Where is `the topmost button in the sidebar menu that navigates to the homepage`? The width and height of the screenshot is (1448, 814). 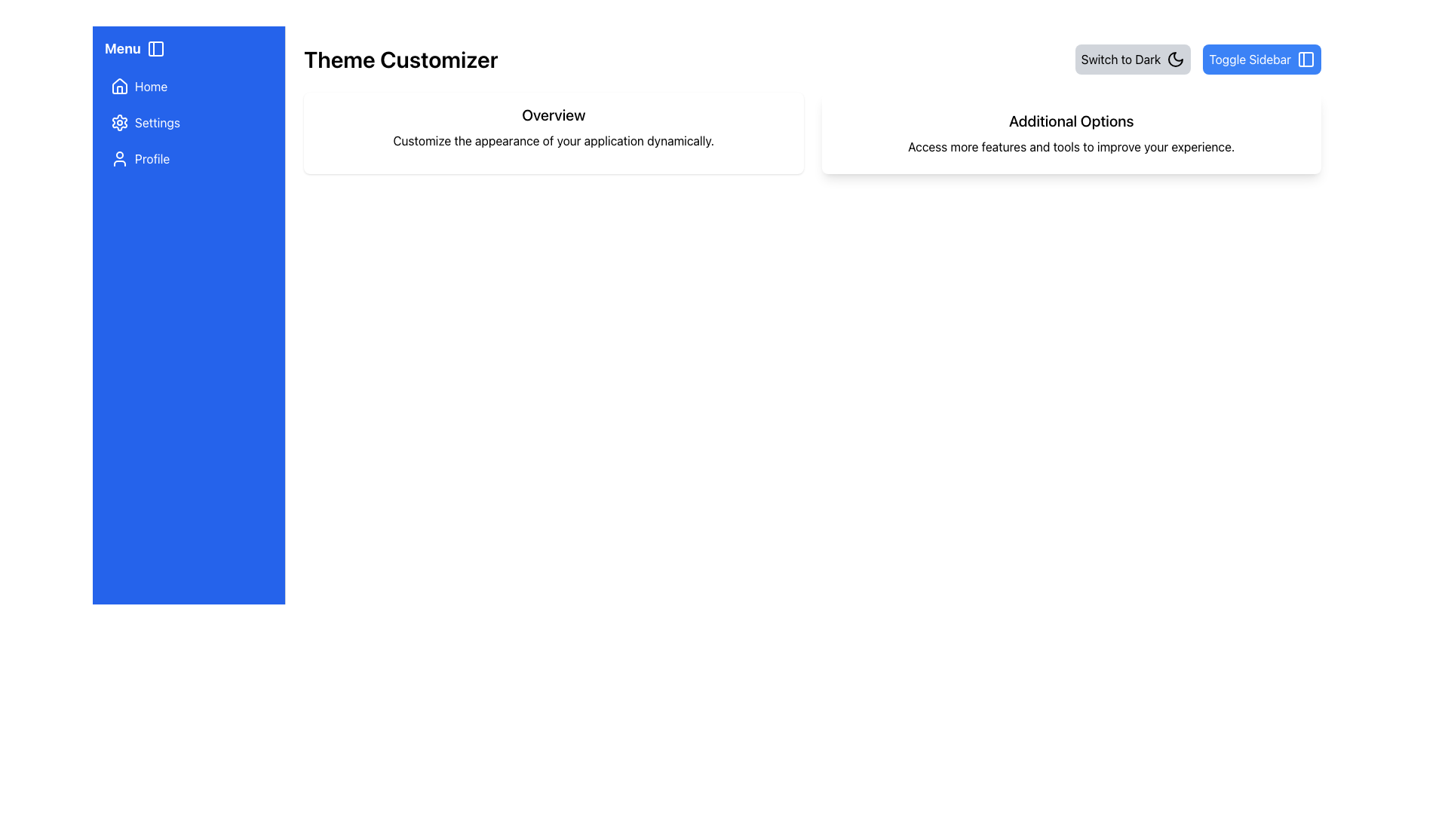 the topmost button in the sidebar menu that navigates to the homepage is located at coordinates (188, 87).